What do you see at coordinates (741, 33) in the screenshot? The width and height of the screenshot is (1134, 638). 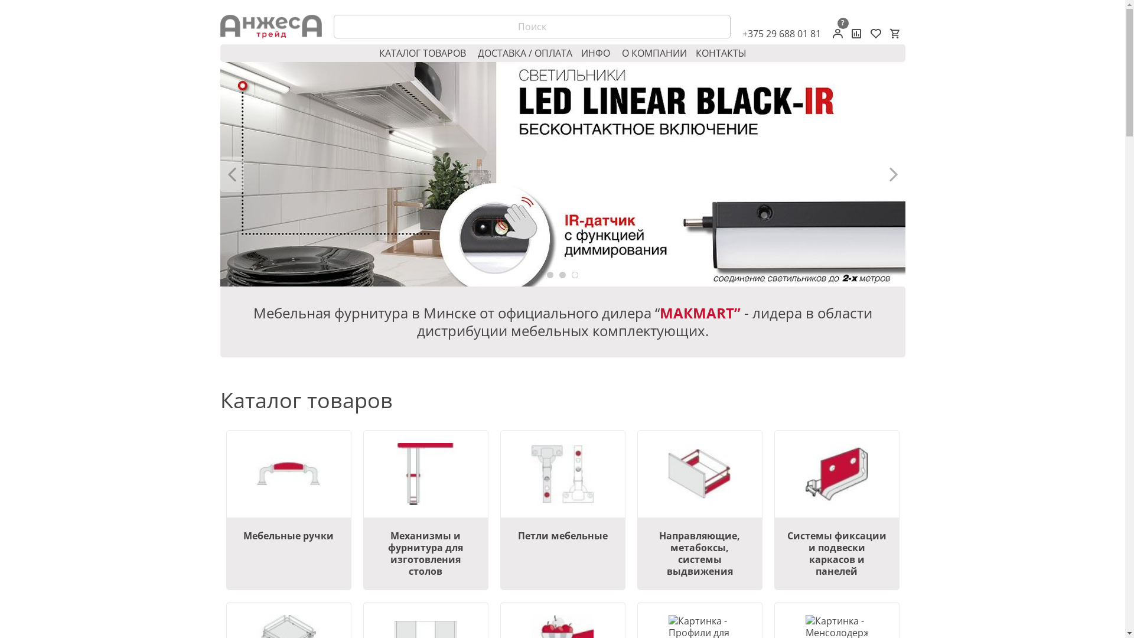 I see `'+375 29 688 01 81'` at bounding box center [741, 33].